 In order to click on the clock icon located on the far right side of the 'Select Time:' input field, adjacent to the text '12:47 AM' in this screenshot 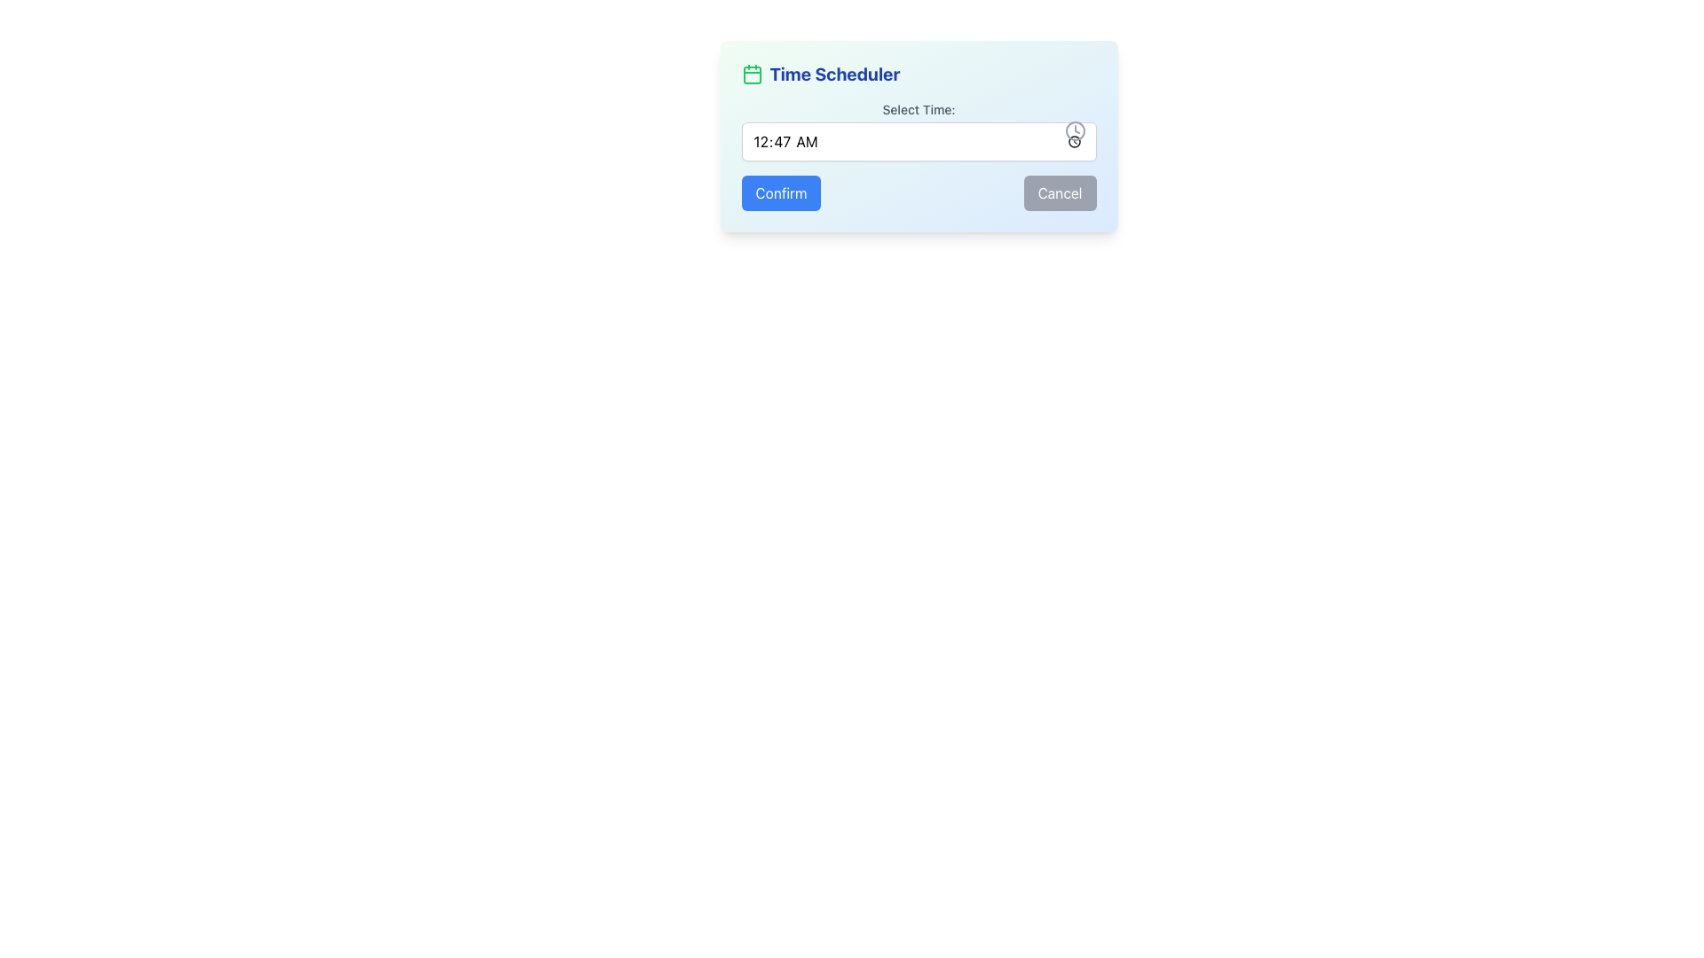, I will do `click(1074, 130)`.